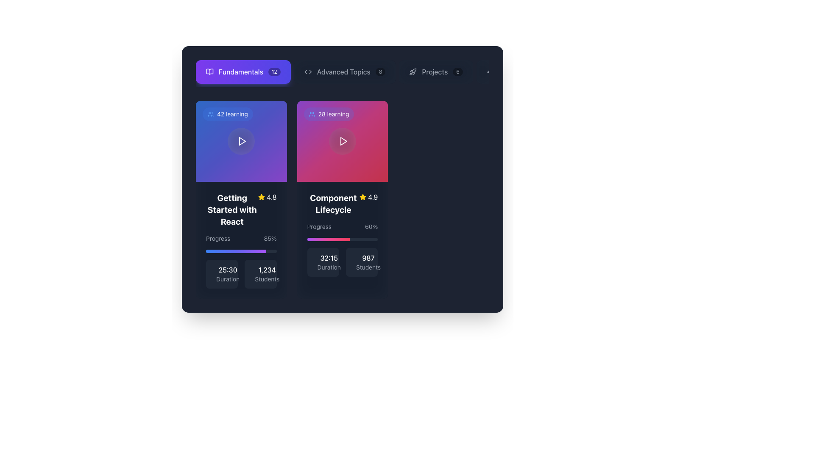 This screenshot has width=814, height=457. What do you see at coordinates (328, 240) in the screenshot?
I see `the progress bar segment indicating 60% progress within the 'Component Lifecycle' card to modify progress, as interaction is enabled` at bounding box center [328, 240].